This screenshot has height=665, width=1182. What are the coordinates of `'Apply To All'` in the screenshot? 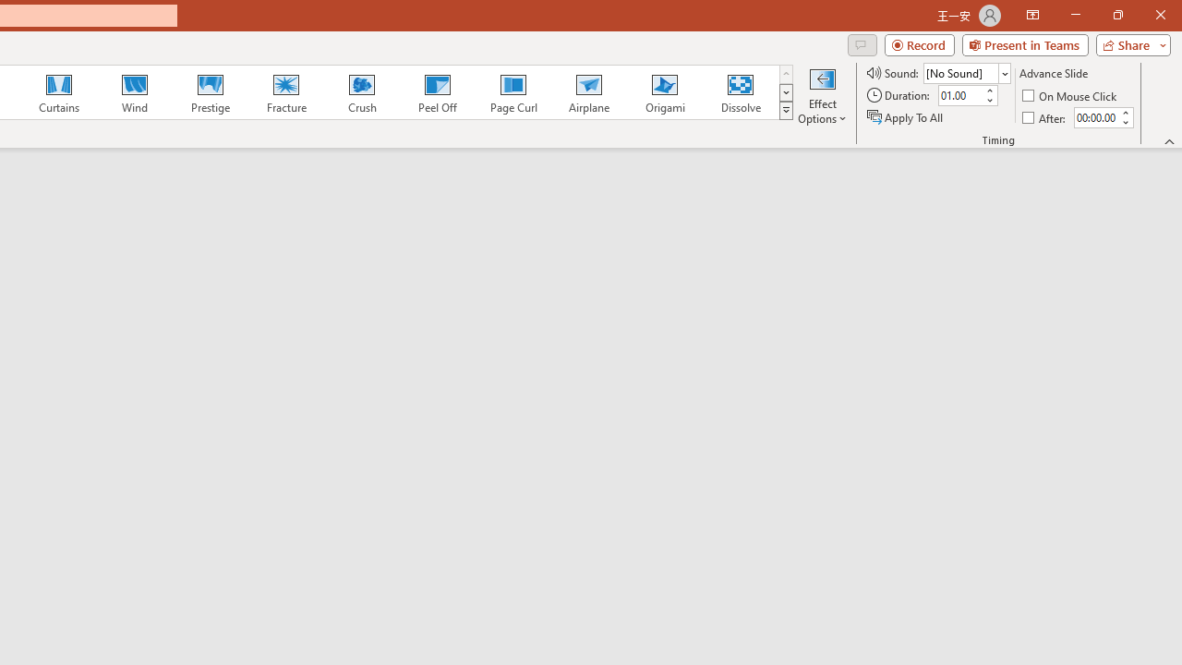 It's located at (906, 117).